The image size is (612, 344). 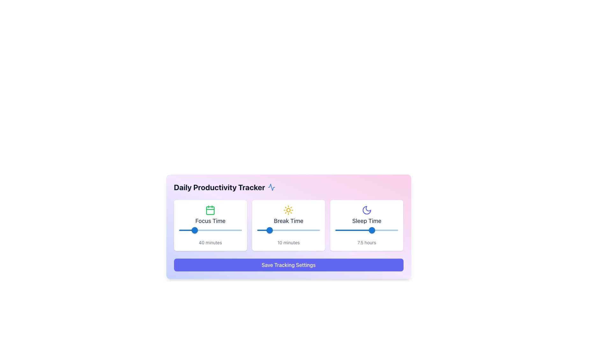 What do you see at coordinates (186, 230) in the screenshot?
I see `the focus time` at bounding box center [186, 230].